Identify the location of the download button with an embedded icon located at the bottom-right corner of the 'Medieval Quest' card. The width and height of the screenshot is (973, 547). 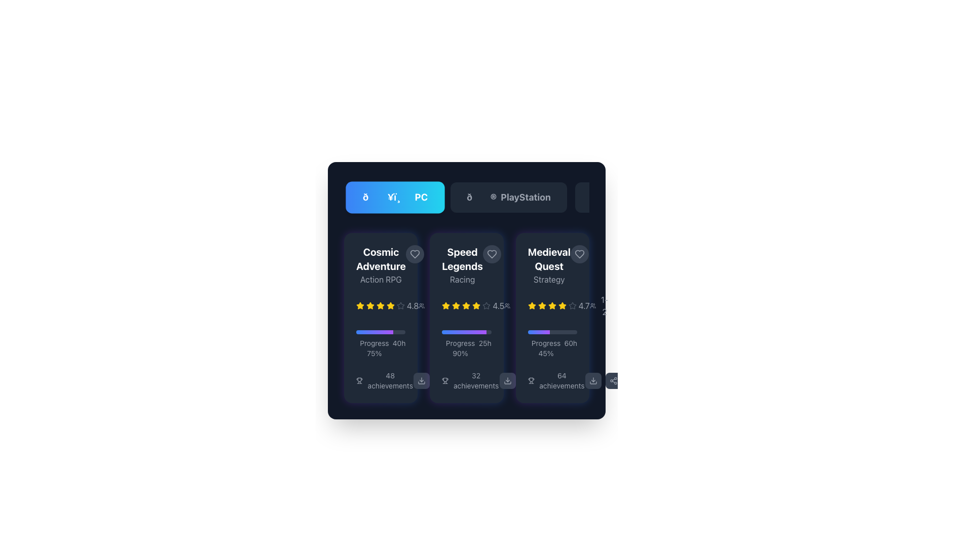
(593, 381).